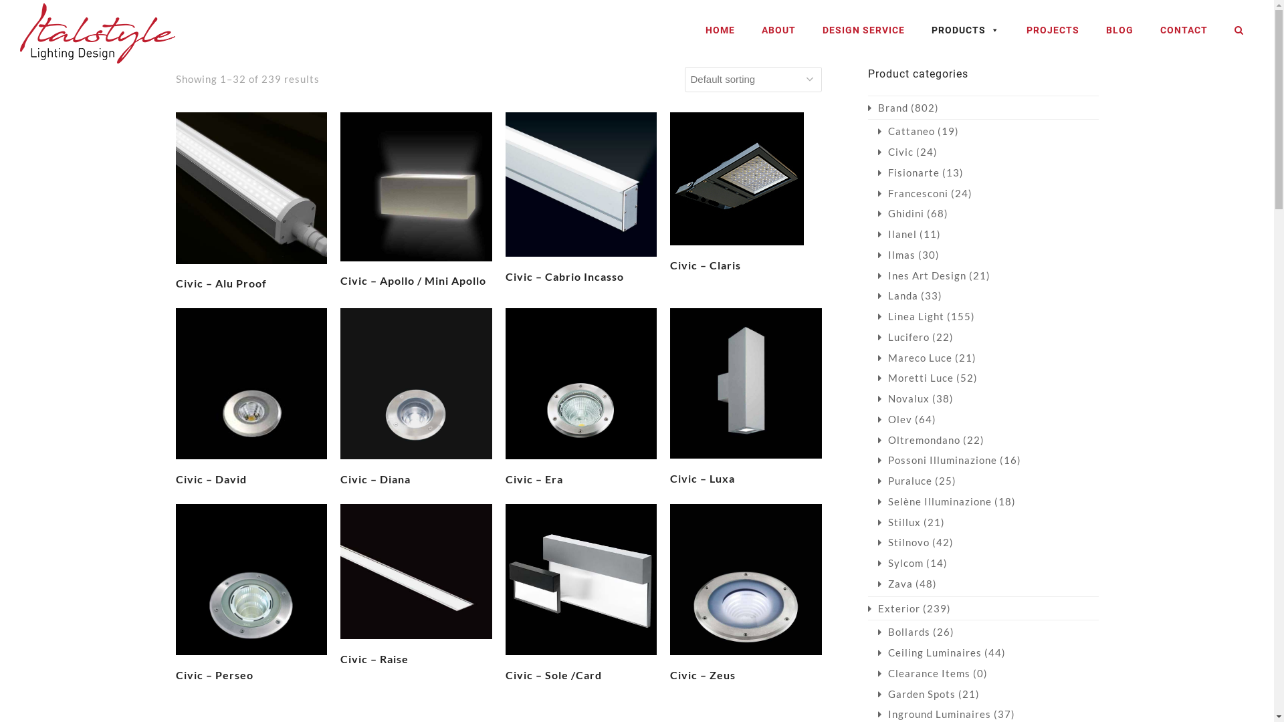  Describe the element at coordinates (894, 608) in the screenshot. I see `'Exterior'` at that location.